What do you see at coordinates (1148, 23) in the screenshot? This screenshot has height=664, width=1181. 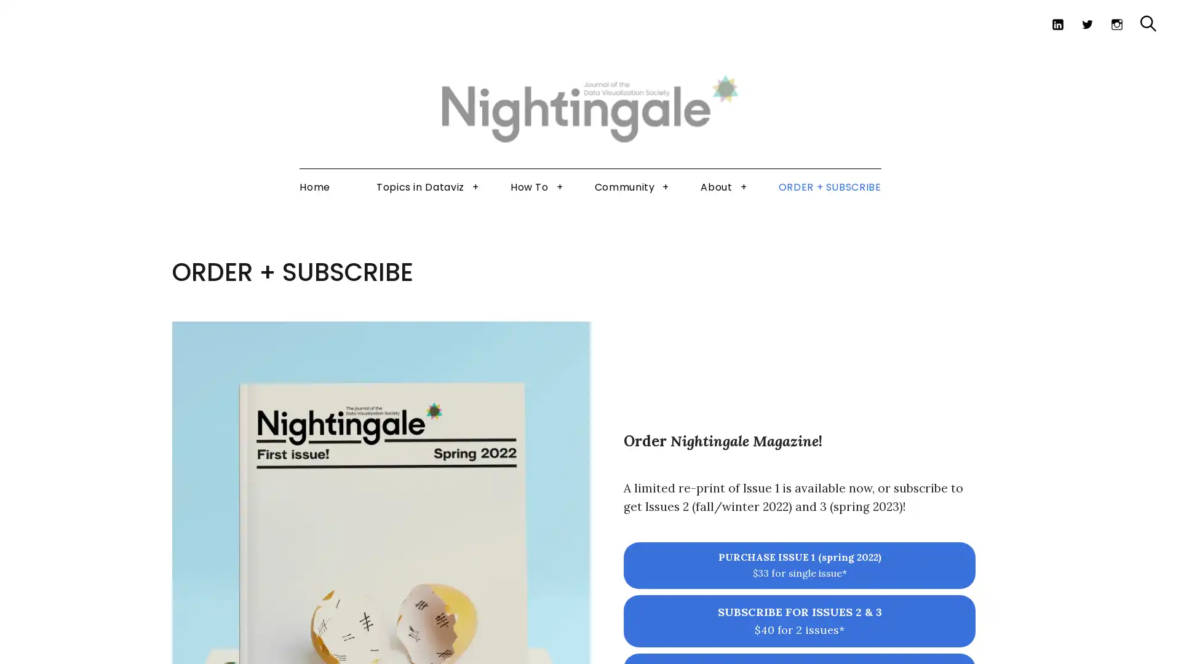 I see `Search` at bounding box center [1148, 23].